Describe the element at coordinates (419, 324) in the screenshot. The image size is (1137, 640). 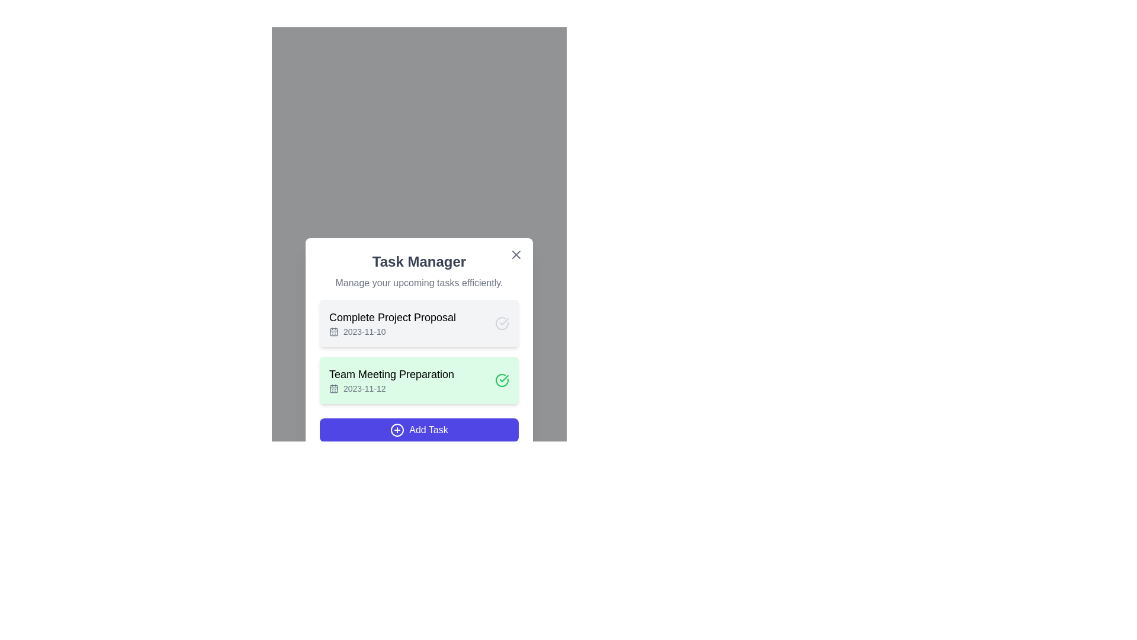
I see `task title 'Complete Project Proposal' and the date '2023-11-10' from the first Task card element in the modal window` at that location.